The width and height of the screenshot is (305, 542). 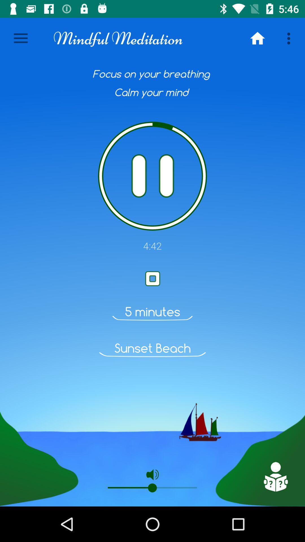 What do you see at coordinates (275, 477) in the screenshot?
I see `click on the doll` at bounding box center [275, 477].